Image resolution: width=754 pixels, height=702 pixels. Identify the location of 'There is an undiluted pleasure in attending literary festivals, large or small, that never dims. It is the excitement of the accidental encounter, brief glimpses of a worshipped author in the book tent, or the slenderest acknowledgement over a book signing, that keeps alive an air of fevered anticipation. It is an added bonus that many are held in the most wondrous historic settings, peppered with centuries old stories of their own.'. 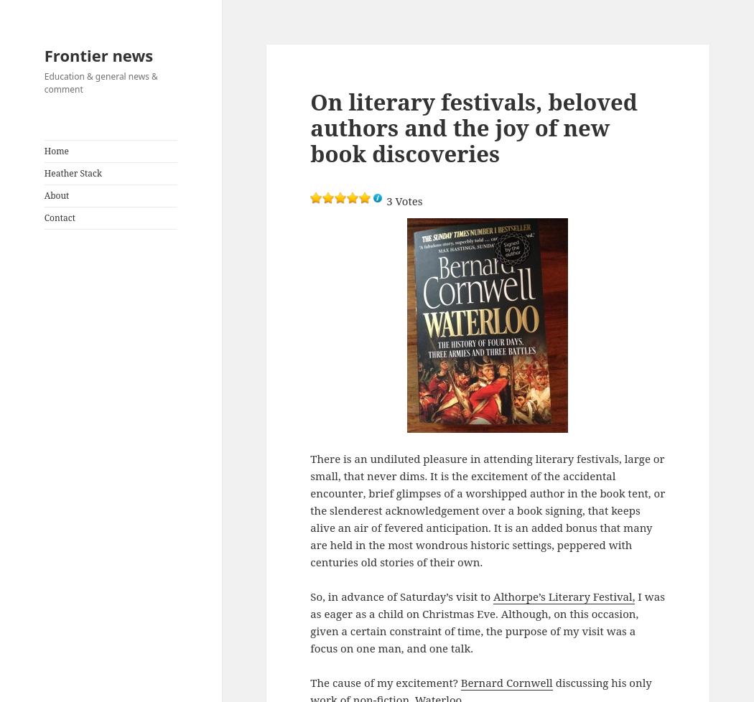
(488, 510).